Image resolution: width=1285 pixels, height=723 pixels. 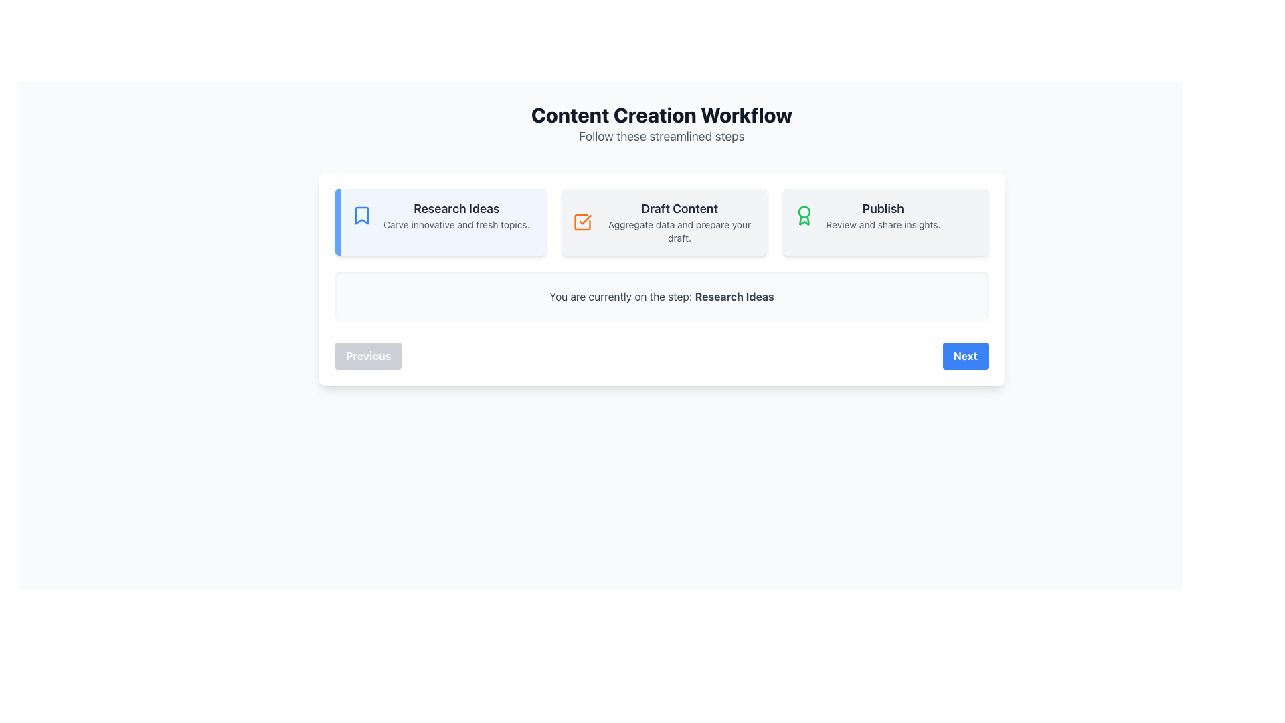 What do you see at coordinates (679, 221) in the screenshot?
I see `text of the 'Draft Content' label, which serves as an indicator for this phase in the workflow` at bounding box center [679, 221].